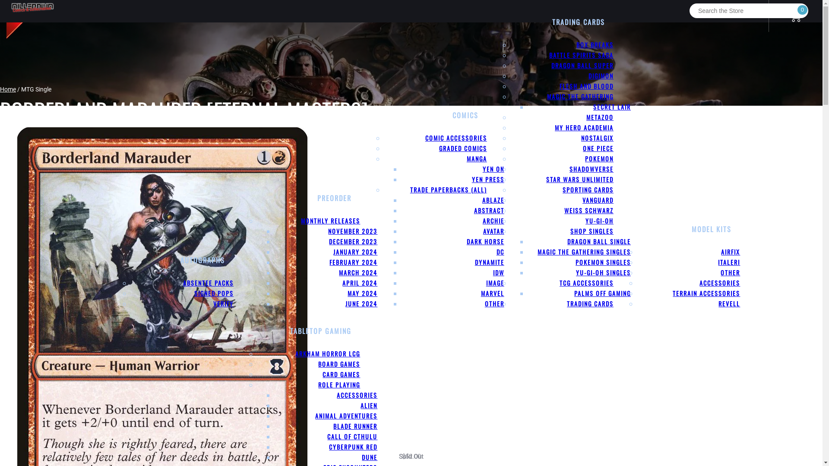 This screenshot has width=829, height=466. I want to click on 'APRIL 2024', so click(342, 283).